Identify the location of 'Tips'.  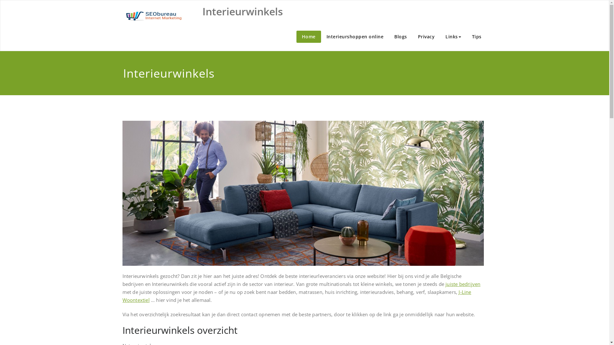
(476, 37).